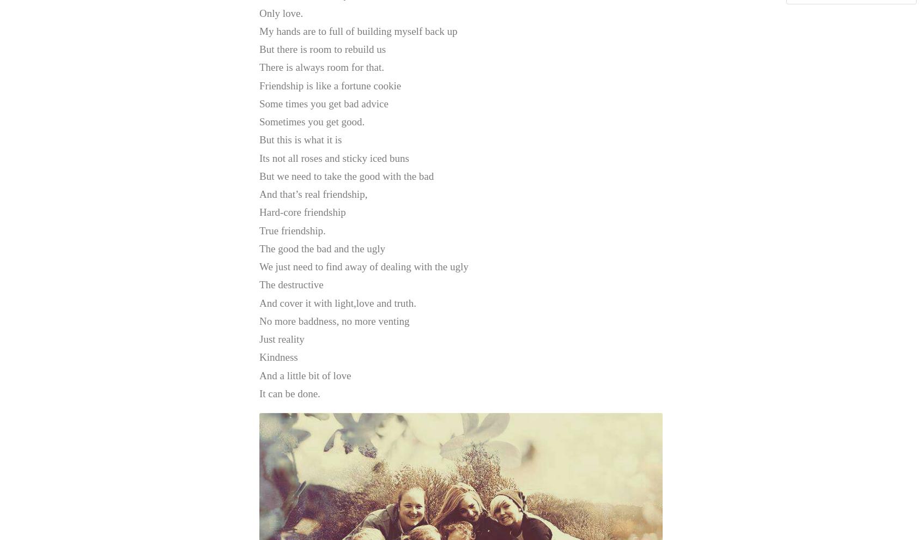 Image resolution: width=922 pixels, height=540 pixels. I want to click on 'And that’s real friendship,', so click(312, 194).